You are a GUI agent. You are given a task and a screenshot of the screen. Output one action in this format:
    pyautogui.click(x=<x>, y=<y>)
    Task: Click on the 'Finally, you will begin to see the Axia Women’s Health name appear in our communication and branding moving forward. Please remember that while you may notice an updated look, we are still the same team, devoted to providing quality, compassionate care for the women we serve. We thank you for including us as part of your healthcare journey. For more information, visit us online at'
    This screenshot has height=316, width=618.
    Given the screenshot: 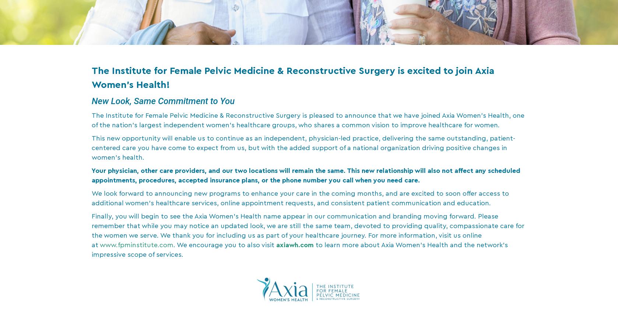 What is the action you would take?
    pyautogui.click(x=308, y=230)
    